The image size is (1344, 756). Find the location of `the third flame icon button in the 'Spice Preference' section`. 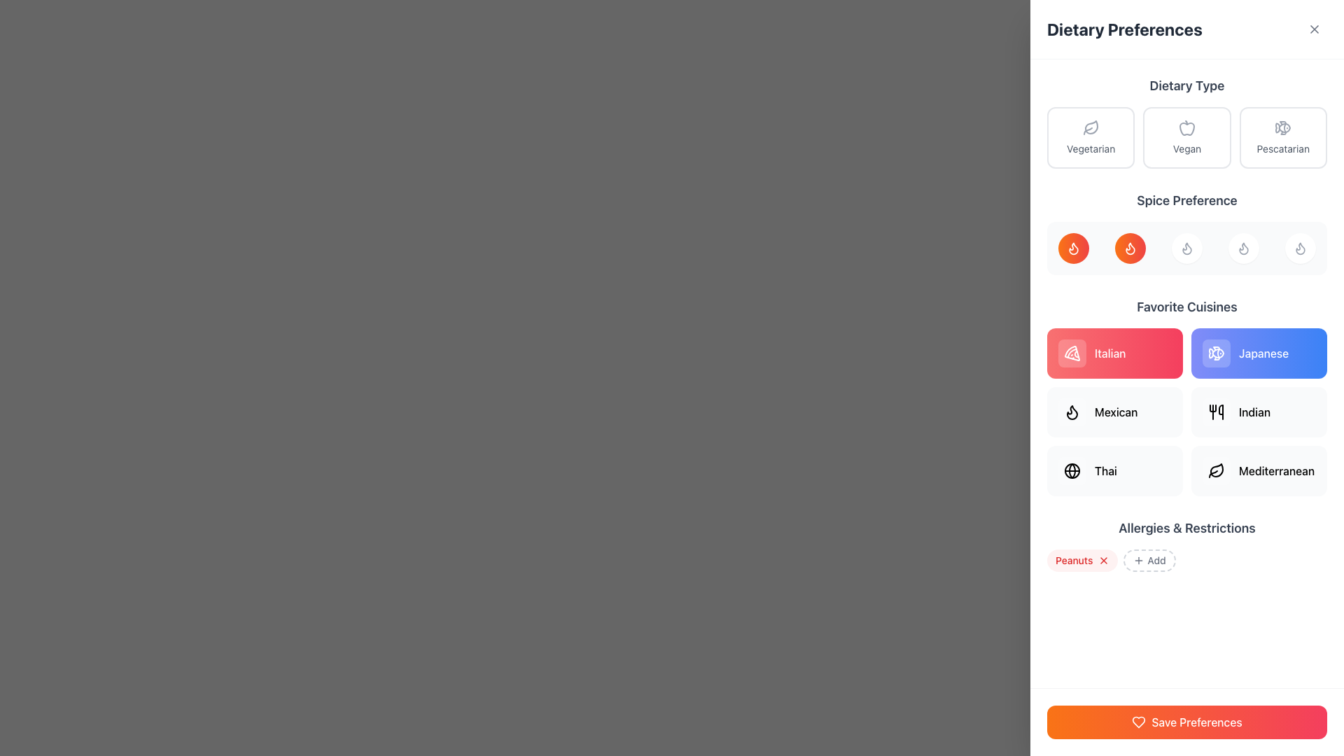

the third flame icon button in the 'Spice Preference' section is located at coordinates (1186, 247).